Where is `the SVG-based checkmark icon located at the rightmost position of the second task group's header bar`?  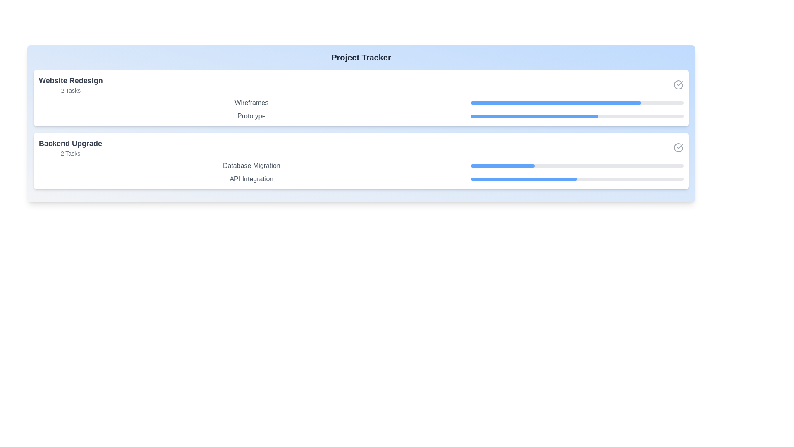 the SVG-based checkmark icon located at the rightmost position of the second task group's header bar is located at coordinates (680, 146).